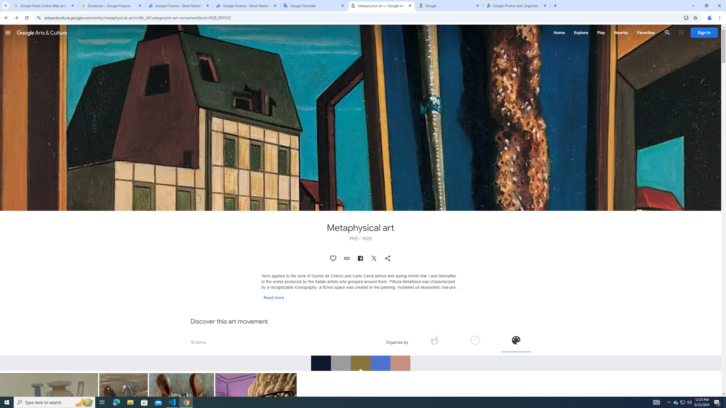 The width and height of the screenshot is (726, 408). What do you see at coordinates (360, 258) in the screenshot?
I see `'Share on Facebook'` at bounding box center [360, 258].